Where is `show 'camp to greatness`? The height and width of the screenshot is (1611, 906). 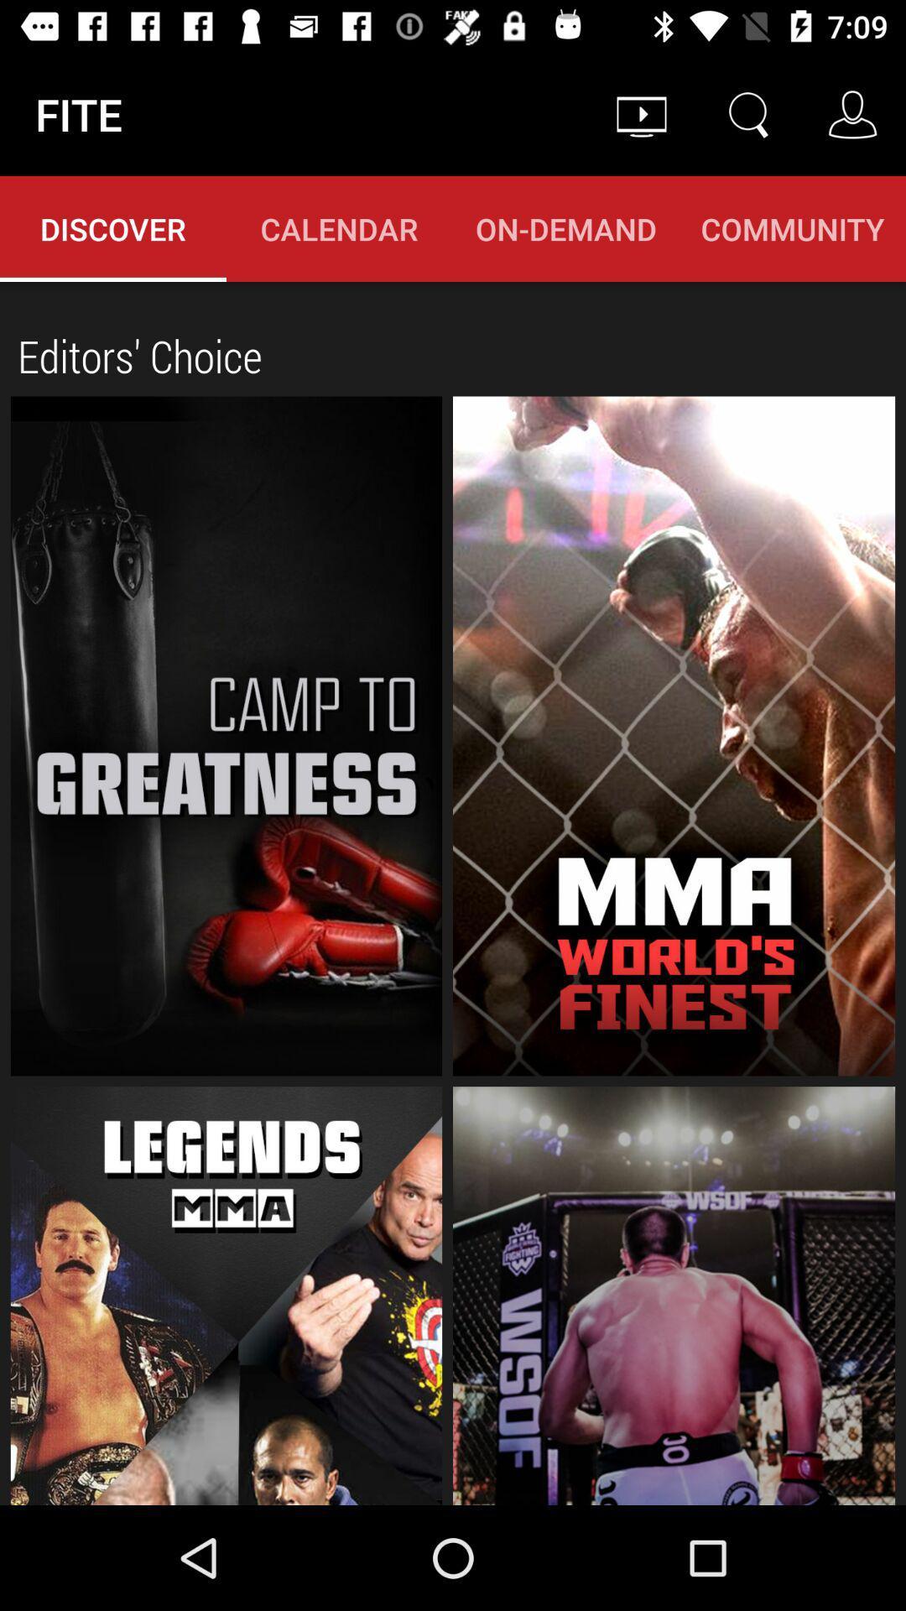 show 'camp to greatness is located at coordinates (226, 736).